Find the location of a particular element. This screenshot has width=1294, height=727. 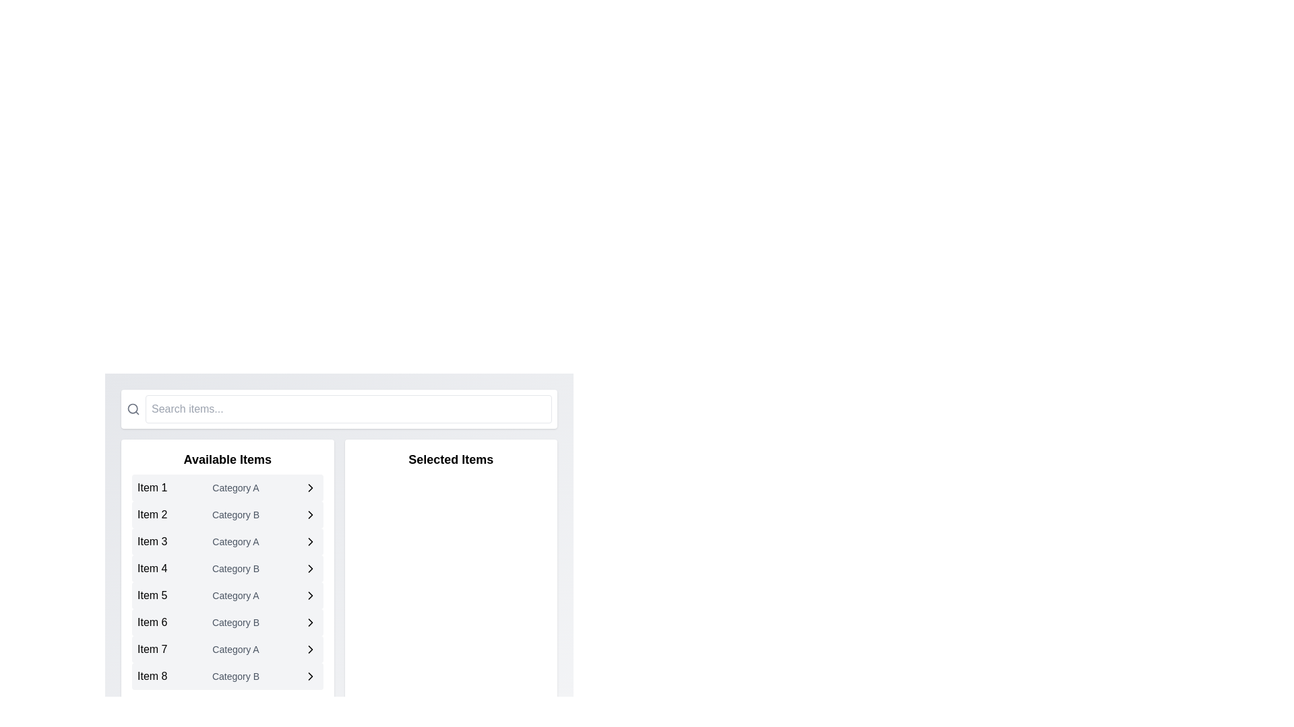

the second list item labeled 'Item 2' with 'Category B' centered in the light gray rectangular area is located at coordinates (227, 514).